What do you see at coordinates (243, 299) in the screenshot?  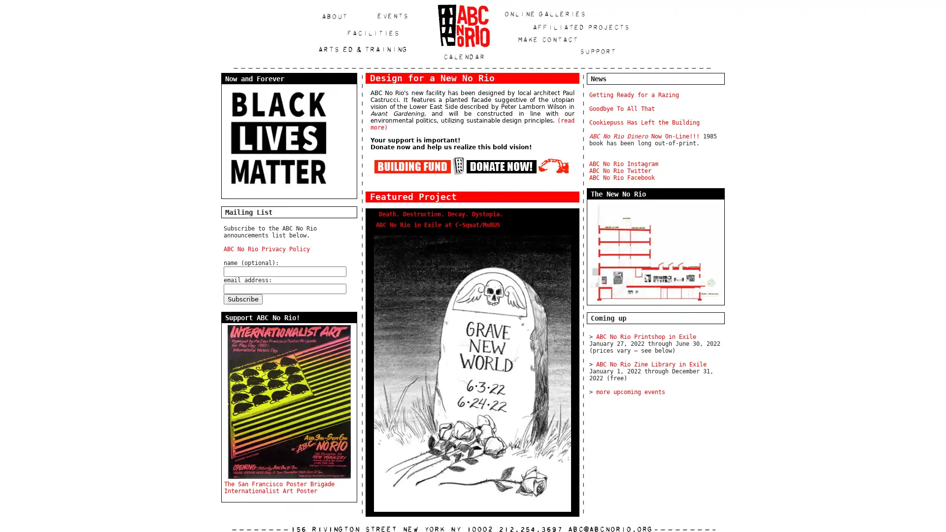 I see `Subscribe` at bounding box center [243, 299].